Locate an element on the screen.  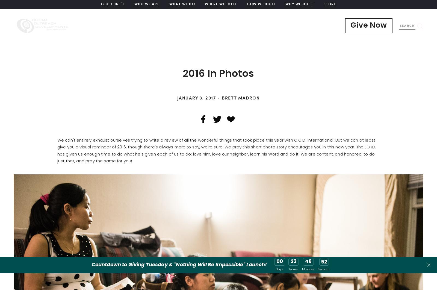
'What We Do' is located at coordinates (182, 4).